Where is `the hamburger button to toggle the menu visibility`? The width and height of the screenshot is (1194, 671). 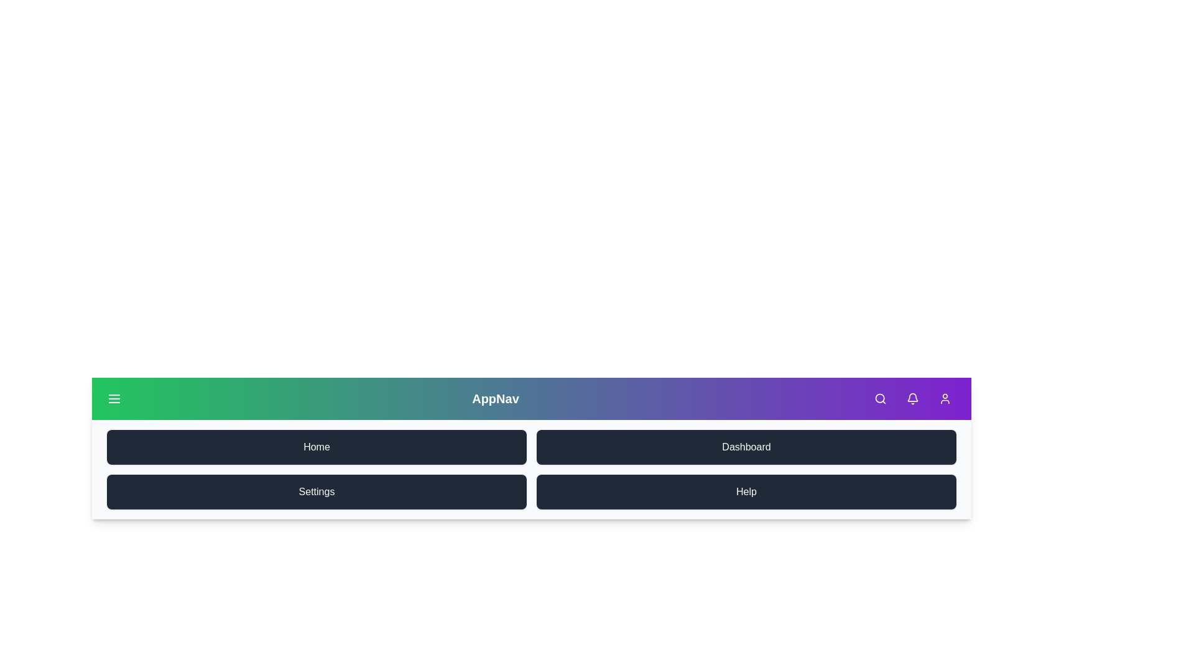
the hamburger button to toggle the menu visibility is located at coordinates (114, 398).